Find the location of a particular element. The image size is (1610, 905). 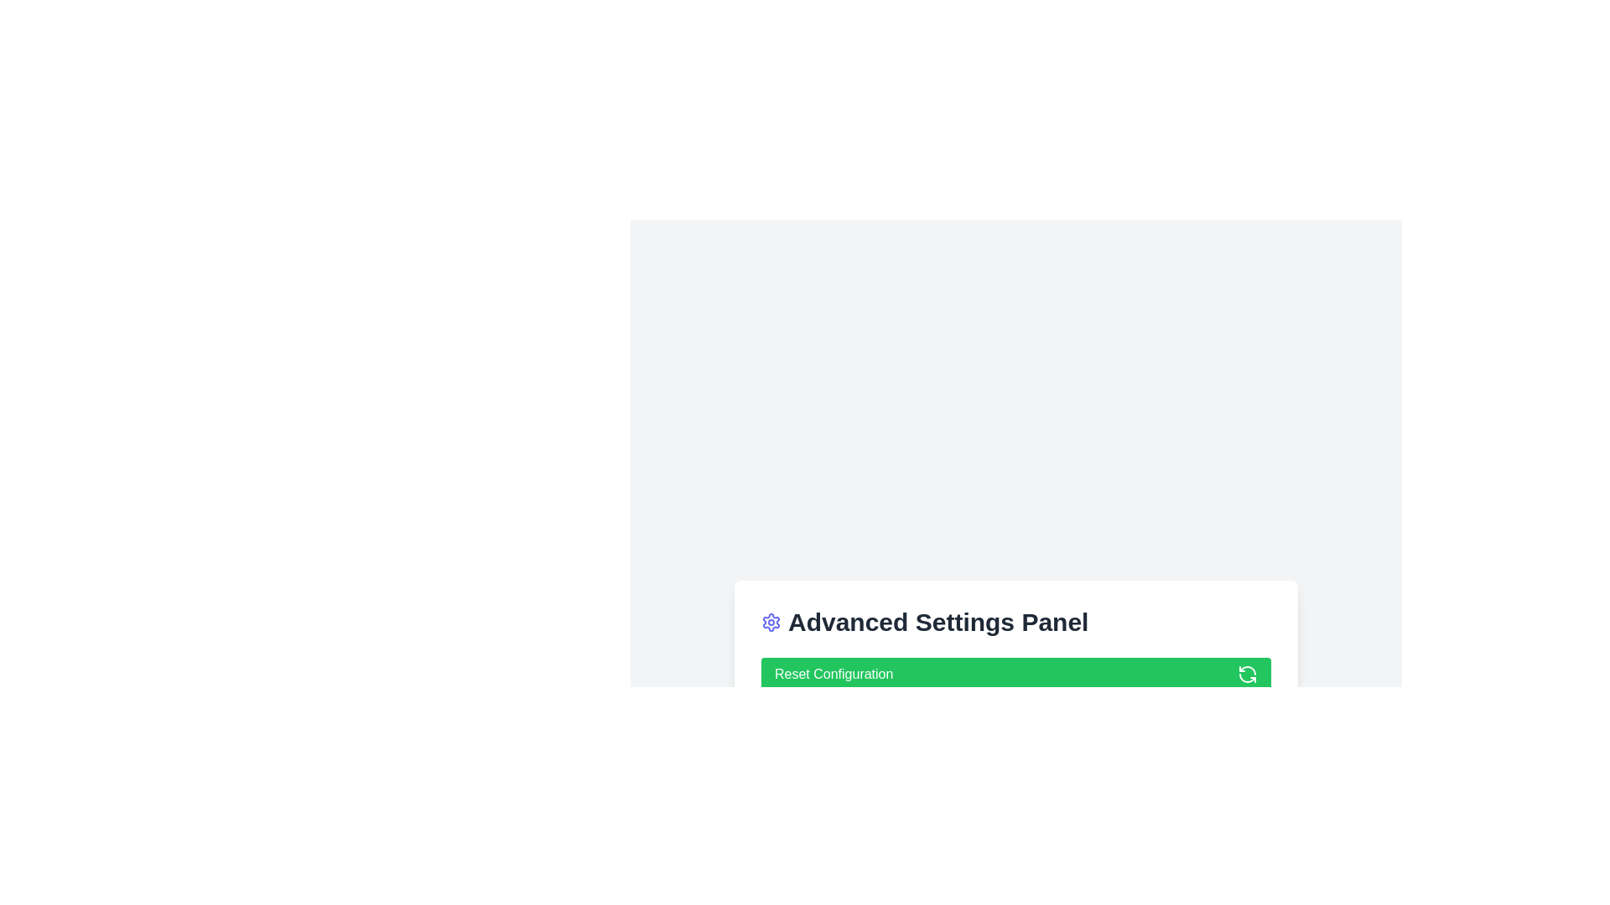

the gear-shaped icon located is located at coordinates (771, 623).